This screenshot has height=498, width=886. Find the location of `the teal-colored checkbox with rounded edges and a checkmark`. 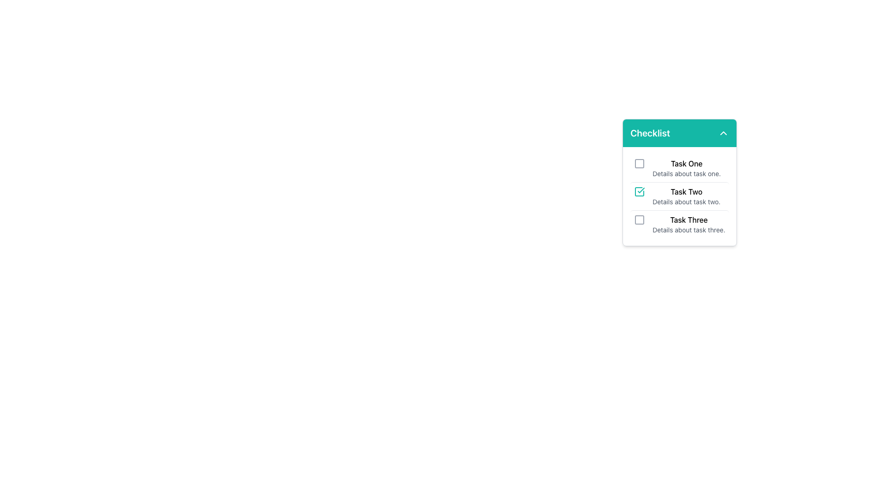

the teal-colored checkbox with rounded edges and a checkmark is located at coordinates (639, 191).